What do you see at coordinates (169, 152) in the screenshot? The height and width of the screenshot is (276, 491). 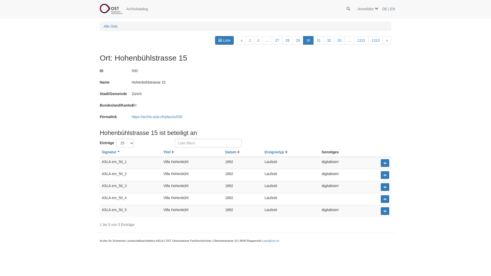 I see `'Titel'` at bounding box center [169, 152].